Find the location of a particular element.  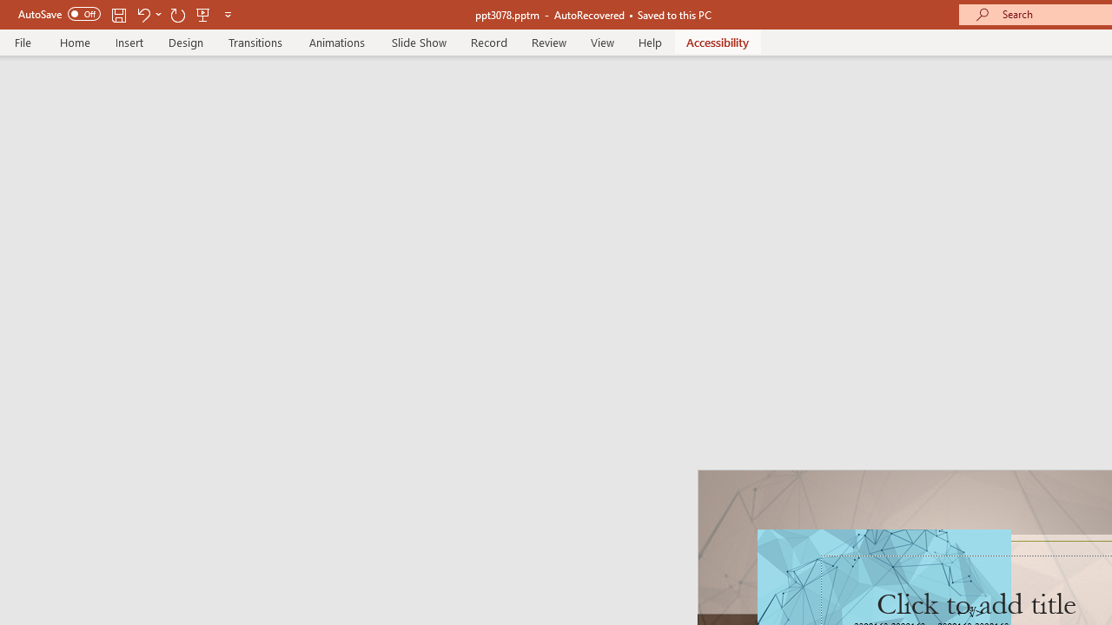

'From Beginning' is located at coordinates (203, 14).